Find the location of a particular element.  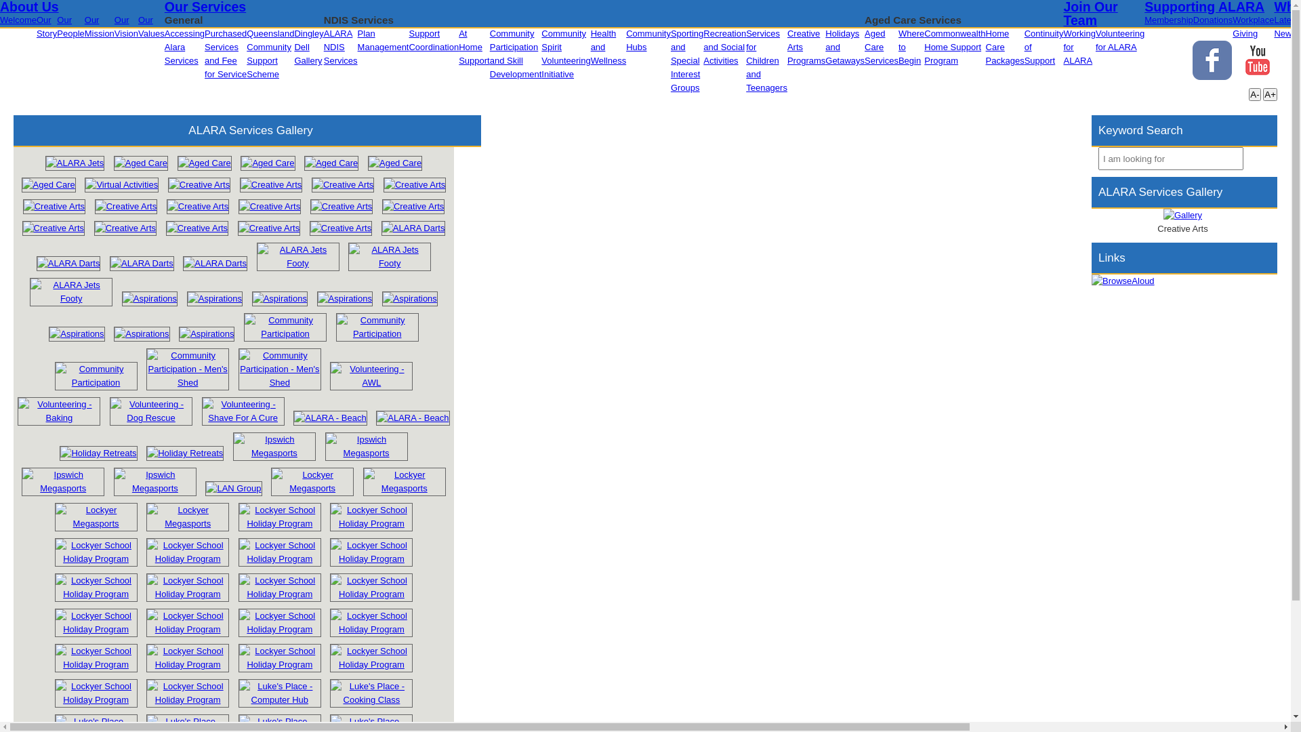

'ALARA NDIS Services' is located at coordinates (341, 46).